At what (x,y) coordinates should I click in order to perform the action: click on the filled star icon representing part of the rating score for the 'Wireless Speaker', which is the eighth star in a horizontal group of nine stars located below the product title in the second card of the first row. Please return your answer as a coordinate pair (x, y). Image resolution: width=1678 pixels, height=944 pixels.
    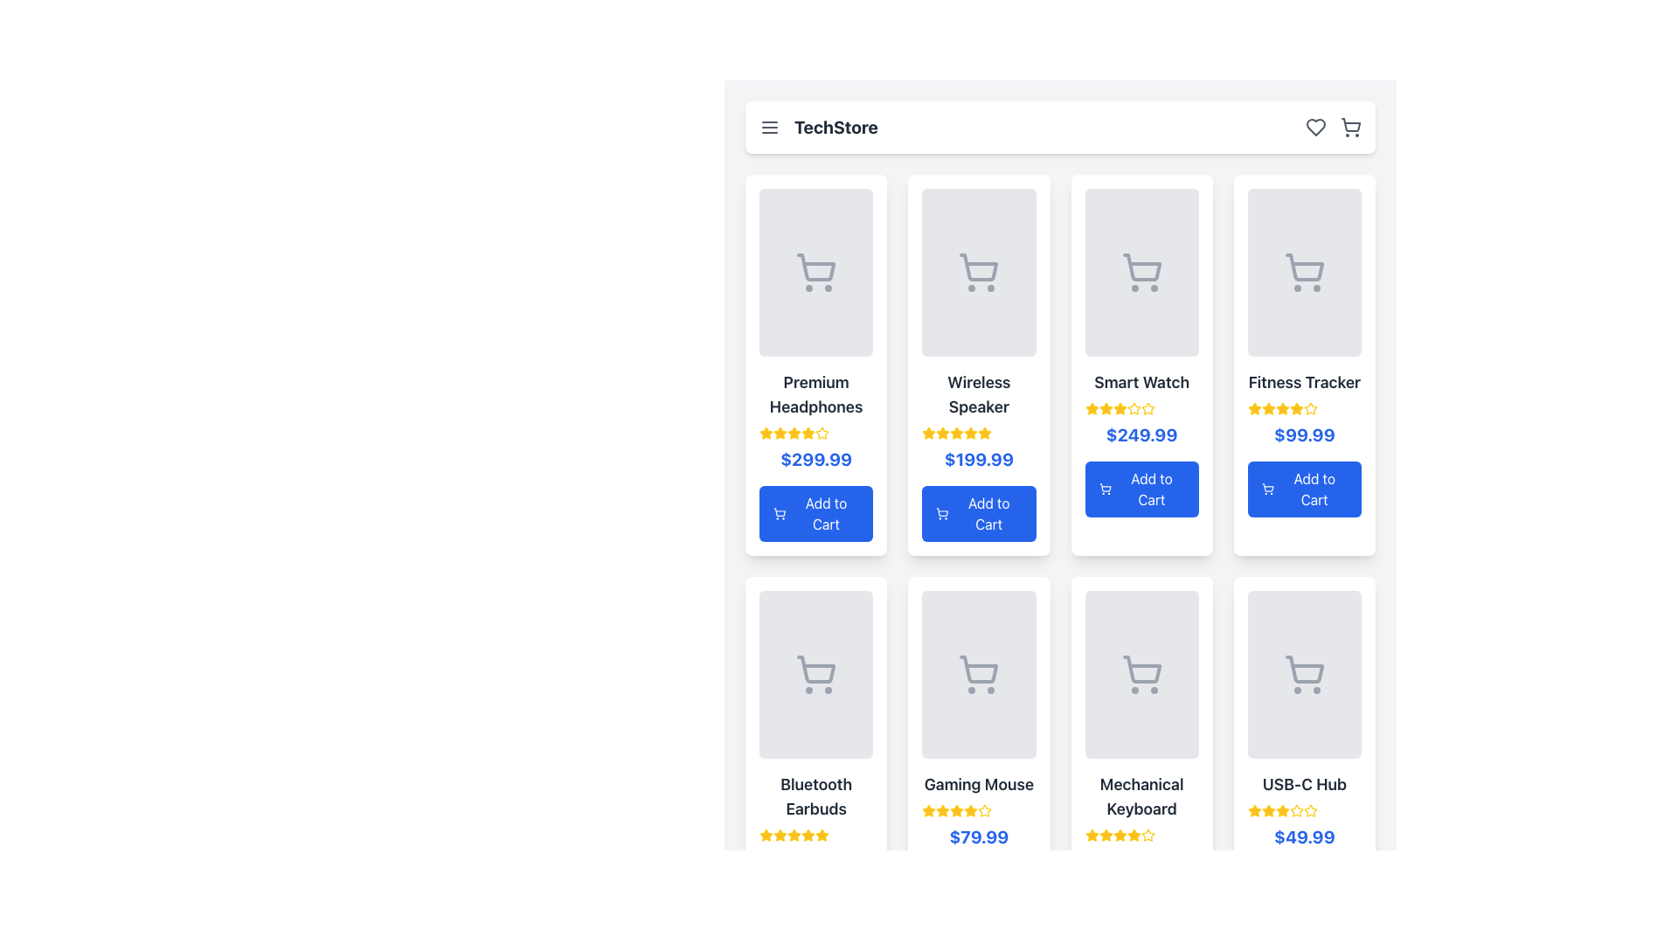
    Looking at the image, I should click on (985, 433).